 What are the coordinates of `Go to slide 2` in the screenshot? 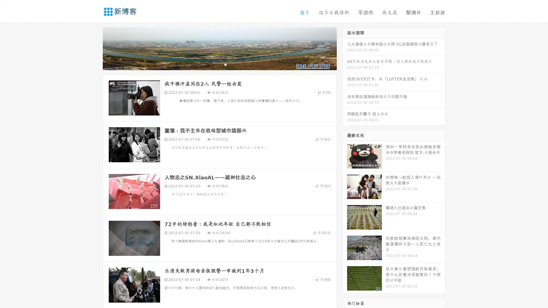 It's located at (219, 64).